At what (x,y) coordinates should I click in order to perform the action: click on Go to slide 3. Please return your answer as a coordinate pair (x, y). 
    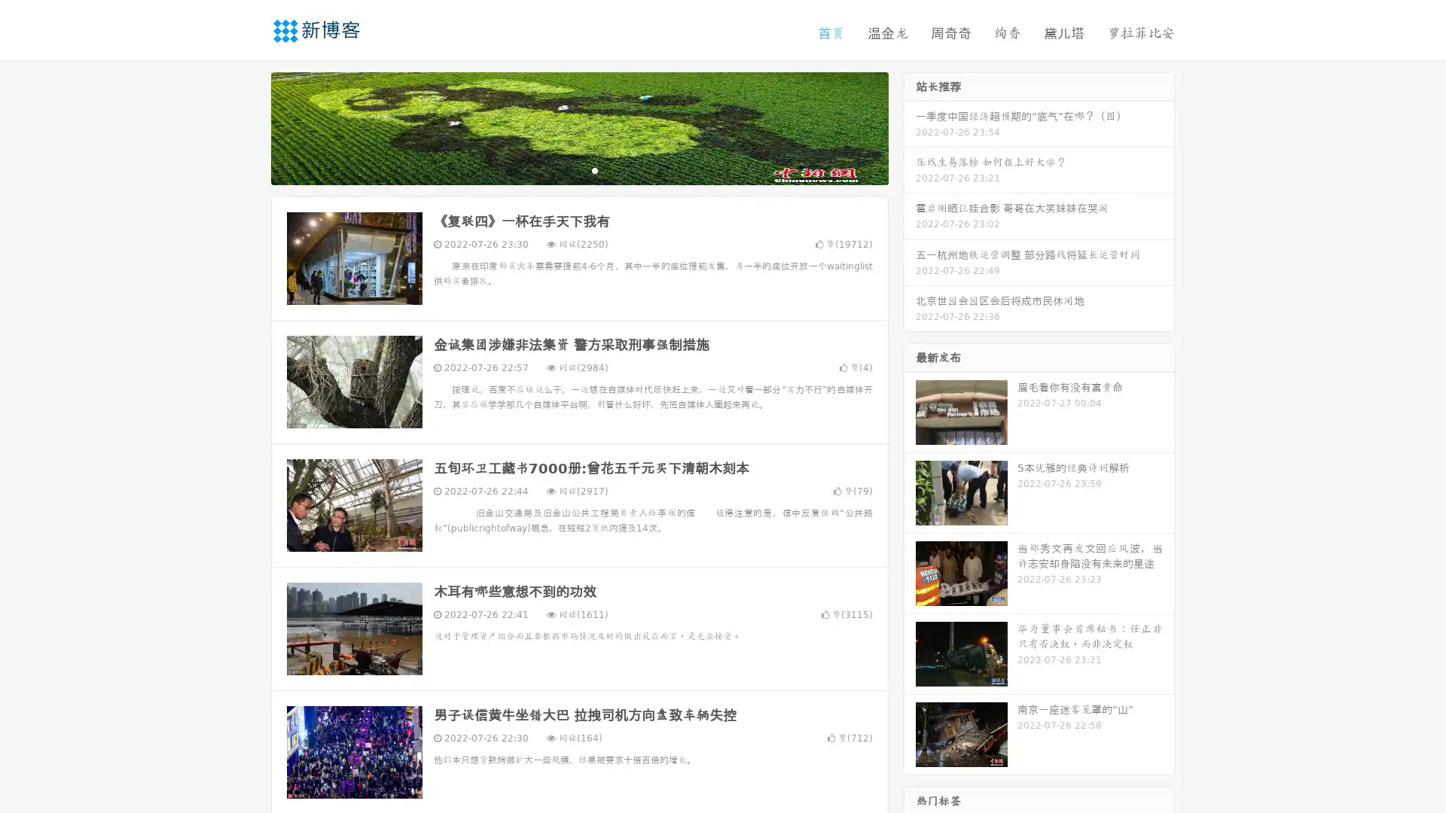
    Looking at the image, I should click on (594, 169).